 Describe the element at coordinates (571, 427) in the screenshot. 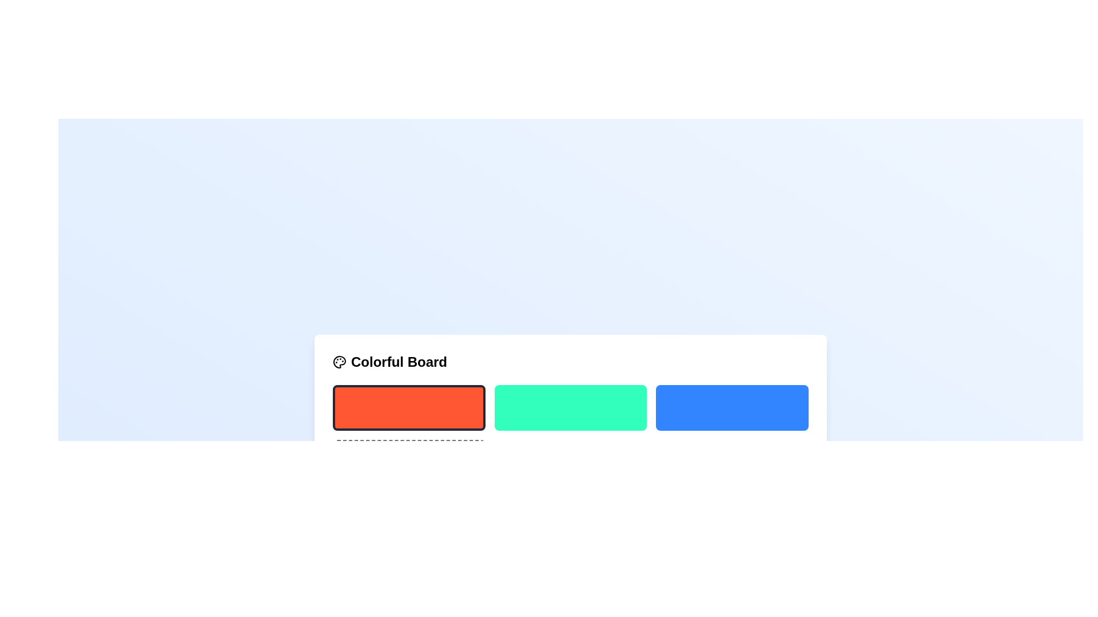

I see `the second selectable color option box, which has a light green fill color and rounded corners` at that location.